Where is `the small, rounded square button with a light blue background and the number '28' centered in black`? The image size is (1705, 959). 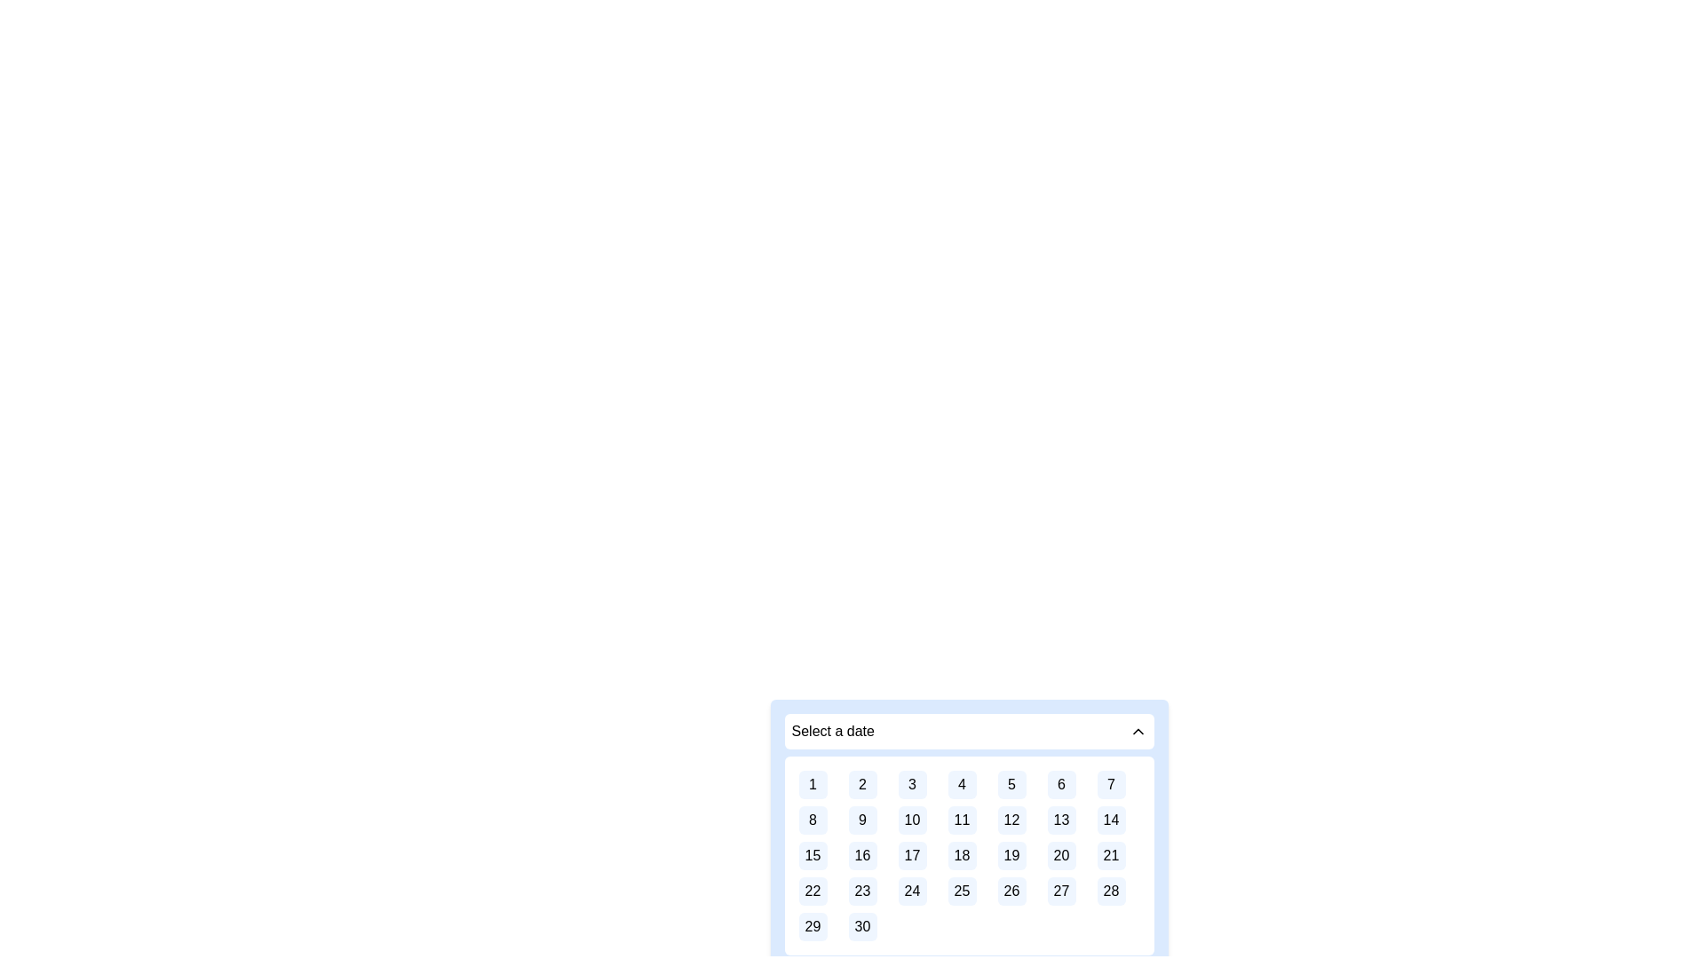
the small, rounded square button with a light blue background and the number '28' centered in black is located at coordinates (1110, 891).